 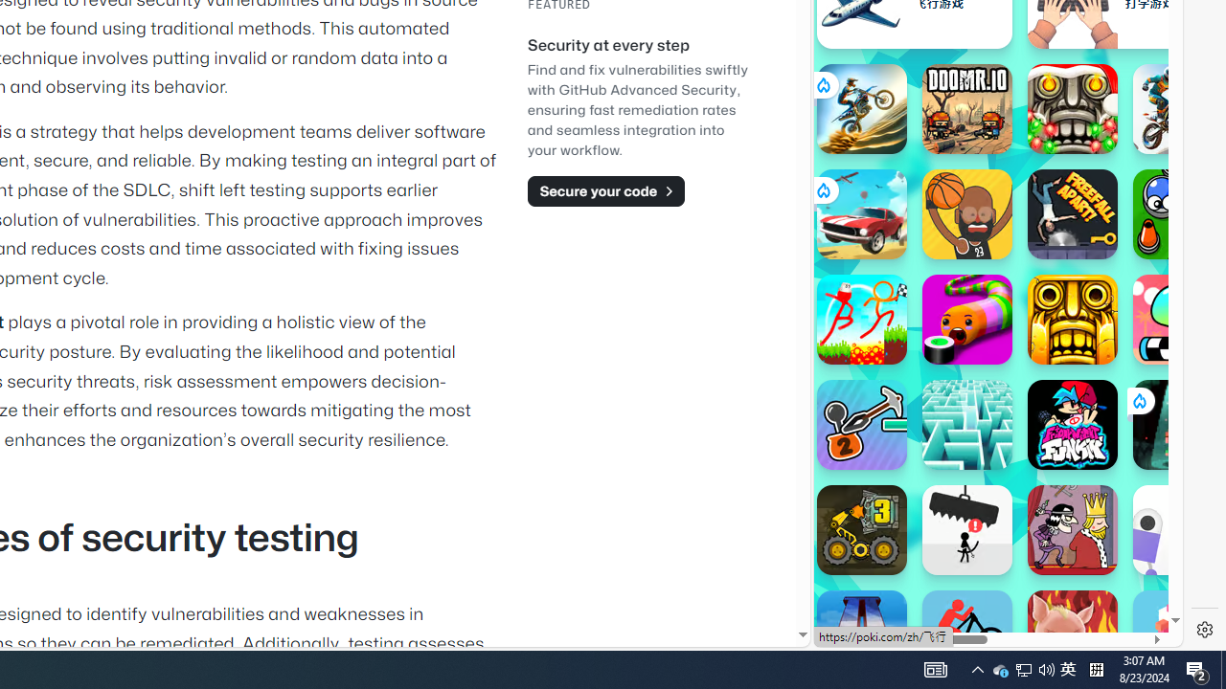 What do you see at coordinates (966, 530) in the screenshot?
I see `'Avoid Dying'` at bounding box center [966, 530].